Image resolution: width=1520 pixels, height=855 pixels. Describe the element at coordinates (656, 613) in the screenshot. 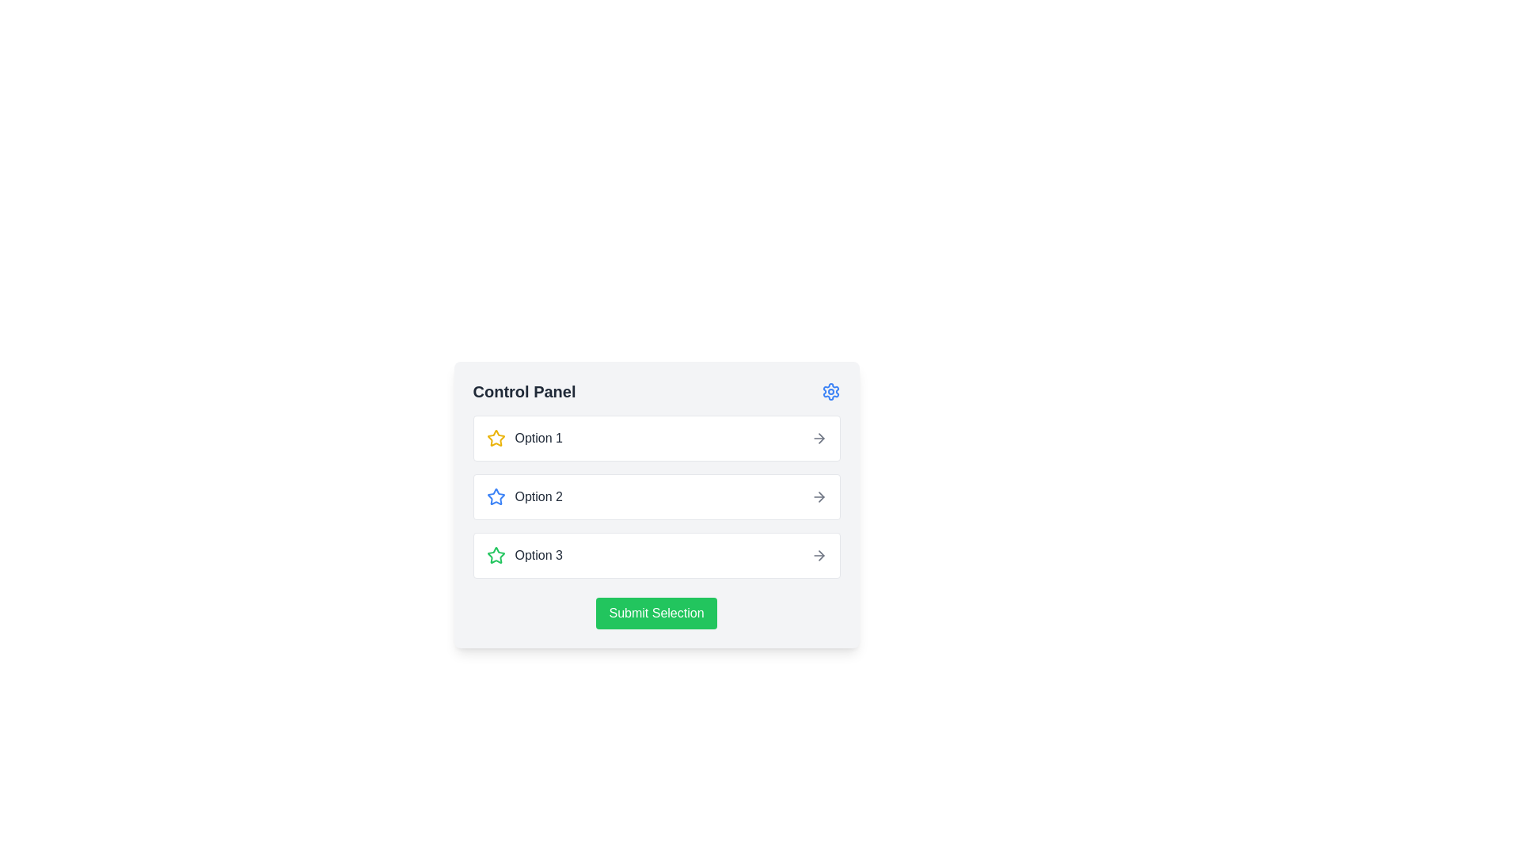

I see `the 'Submit Selection' button, which is a rectangular button with a green background and white text, located at the bottom center of the 'Control Panel' panel` at that location.